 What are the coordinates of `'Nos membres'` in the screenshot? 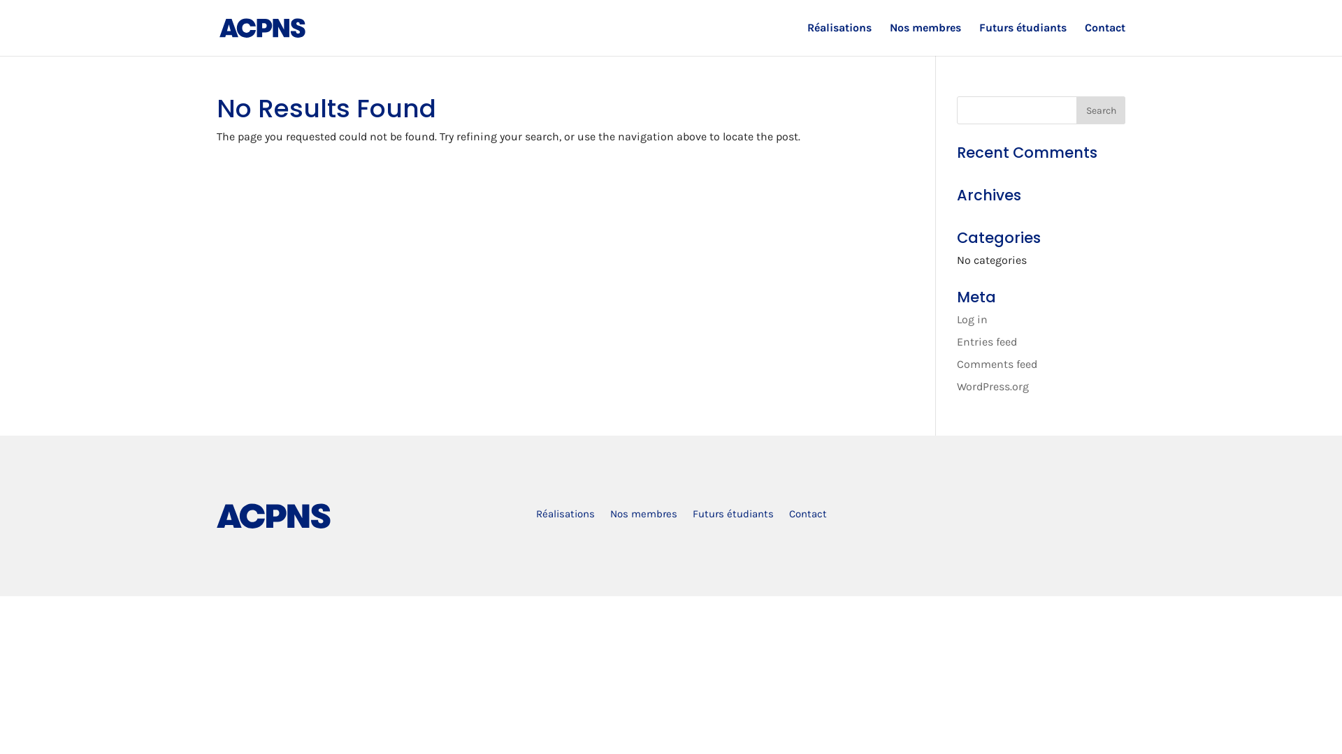 It's located at (610, 517).